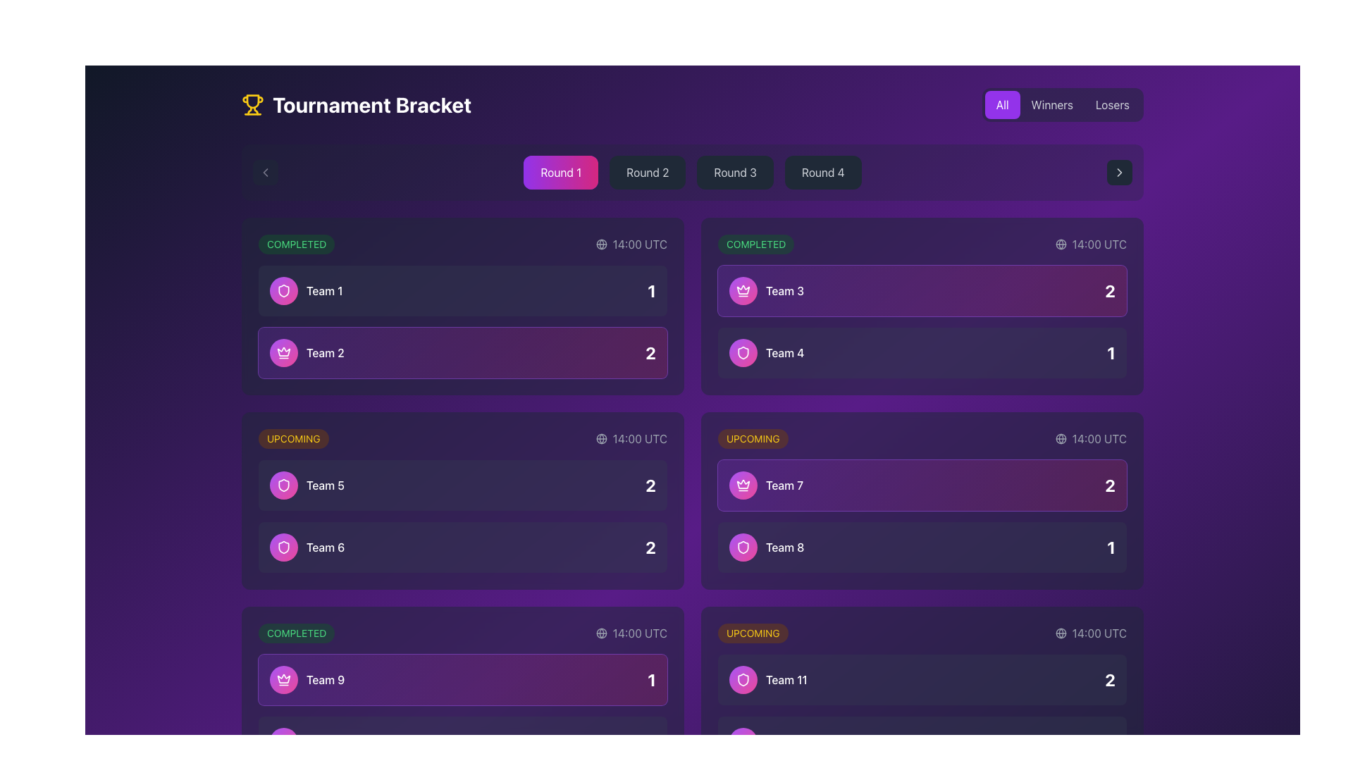  Describe the element at coordinates (1001, 104) in the screenshot. I see `the filter button located at the left-most side of the three-button horizontal menu at the top-right corner of the interface` at that location.